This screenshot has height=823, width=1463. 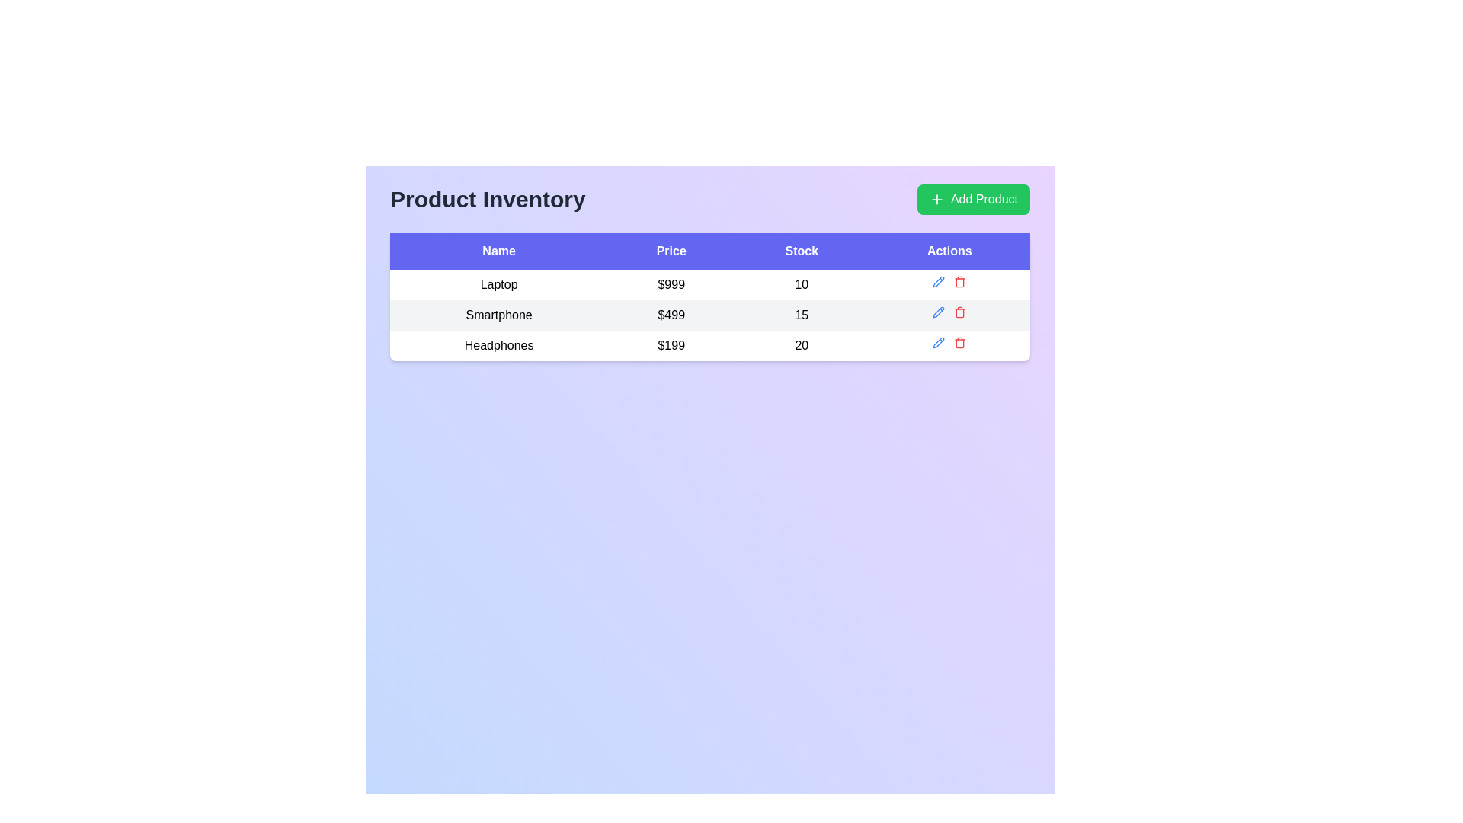 What do you see at coordinates (936, 199) in the screenshot?
I see `the icon located inside the 'Add Product' button, which visually reinforces the functionality of adding new items, positioned at the top-right corner of the content section` at bounding box center [936, 199].